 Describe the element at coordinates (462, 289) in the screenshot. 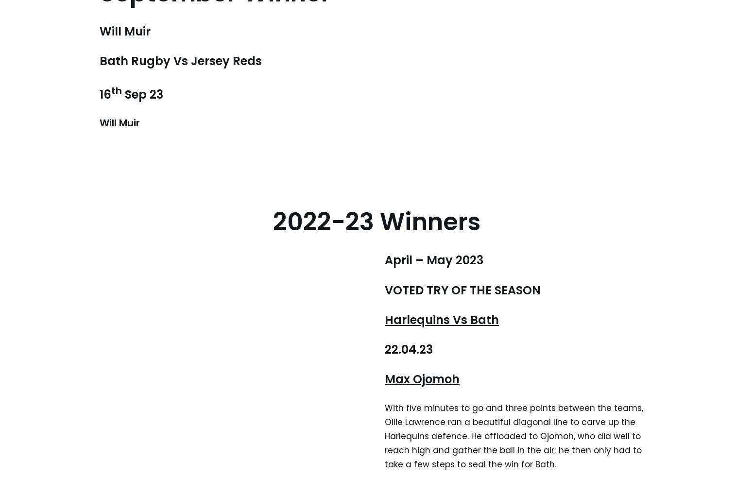

I see `'VOTED TRY OF THE SEASON'` at that location.